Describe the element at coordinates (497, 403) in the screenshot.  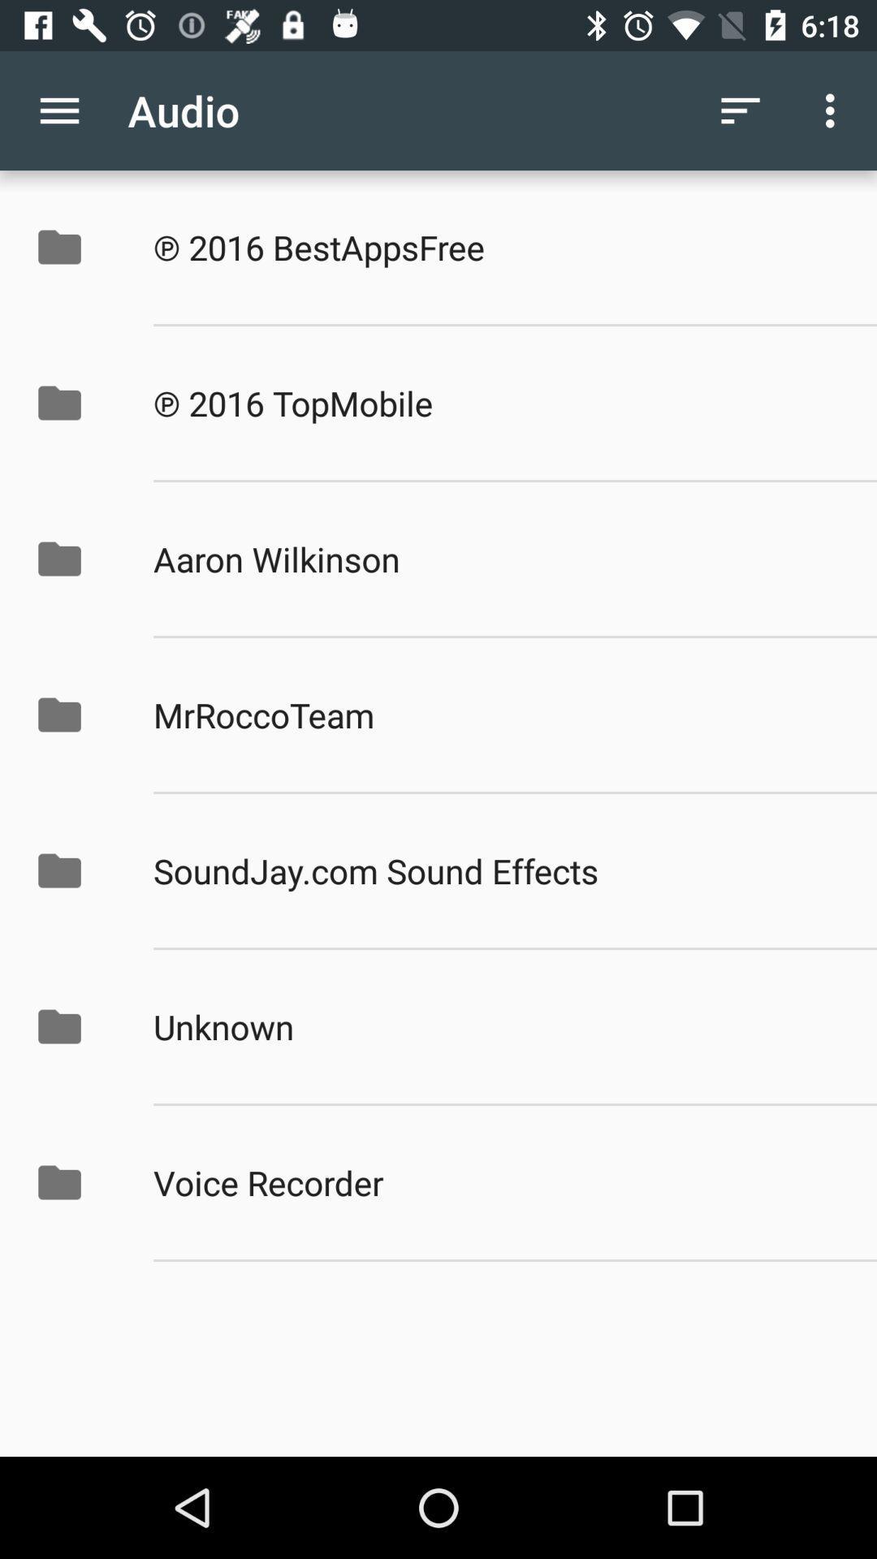
I see `the item above the aaron wilkinson icon` at that location.